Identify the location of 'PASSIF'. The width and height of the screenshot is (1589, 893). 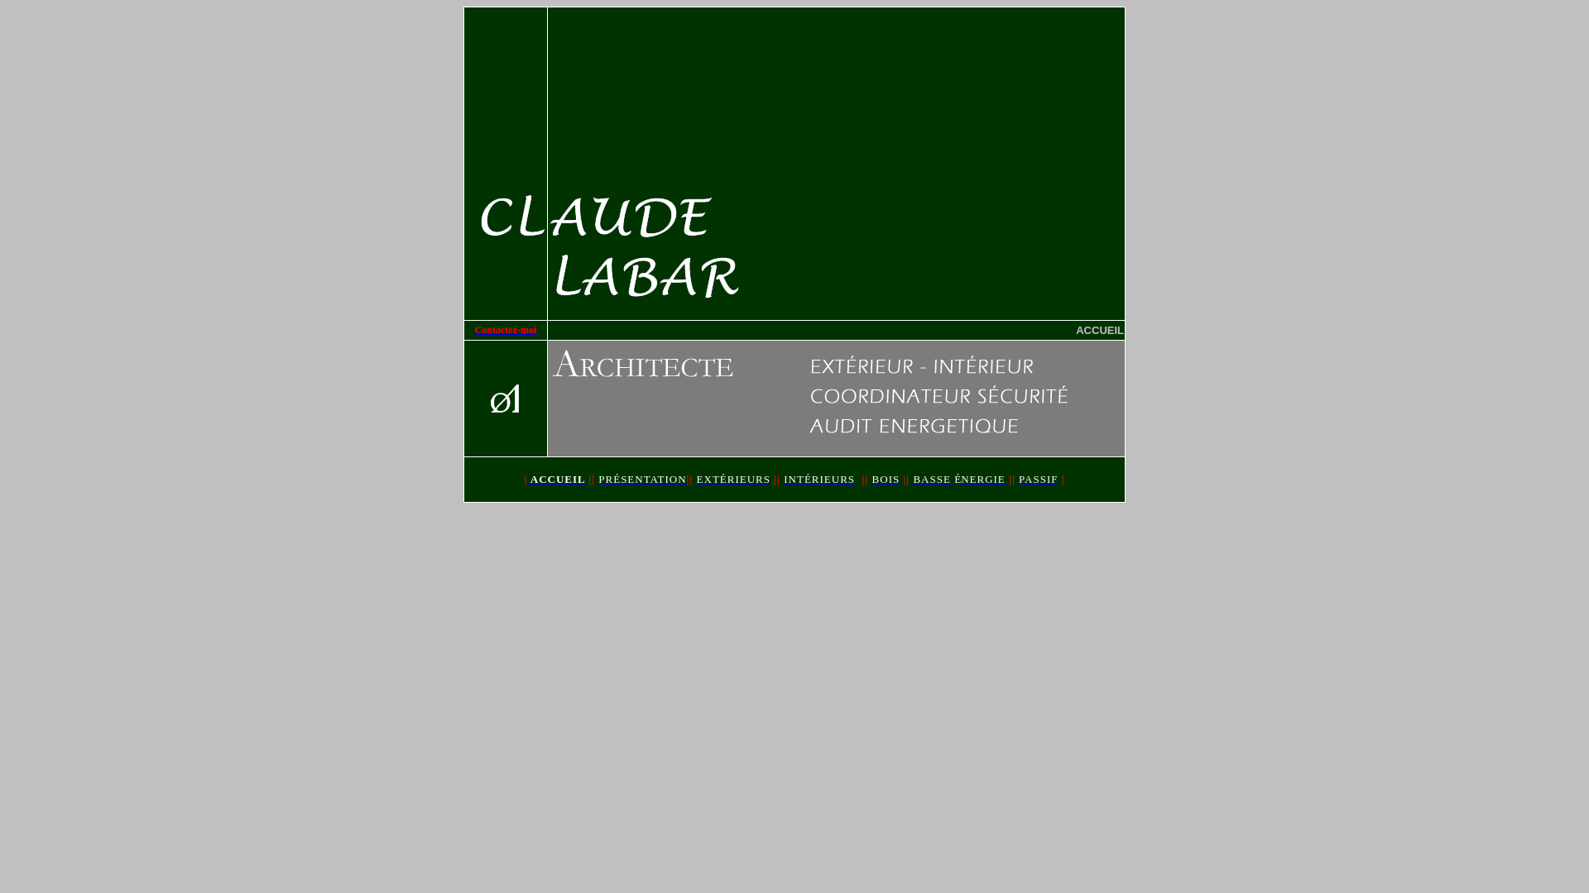
(1037, 479).